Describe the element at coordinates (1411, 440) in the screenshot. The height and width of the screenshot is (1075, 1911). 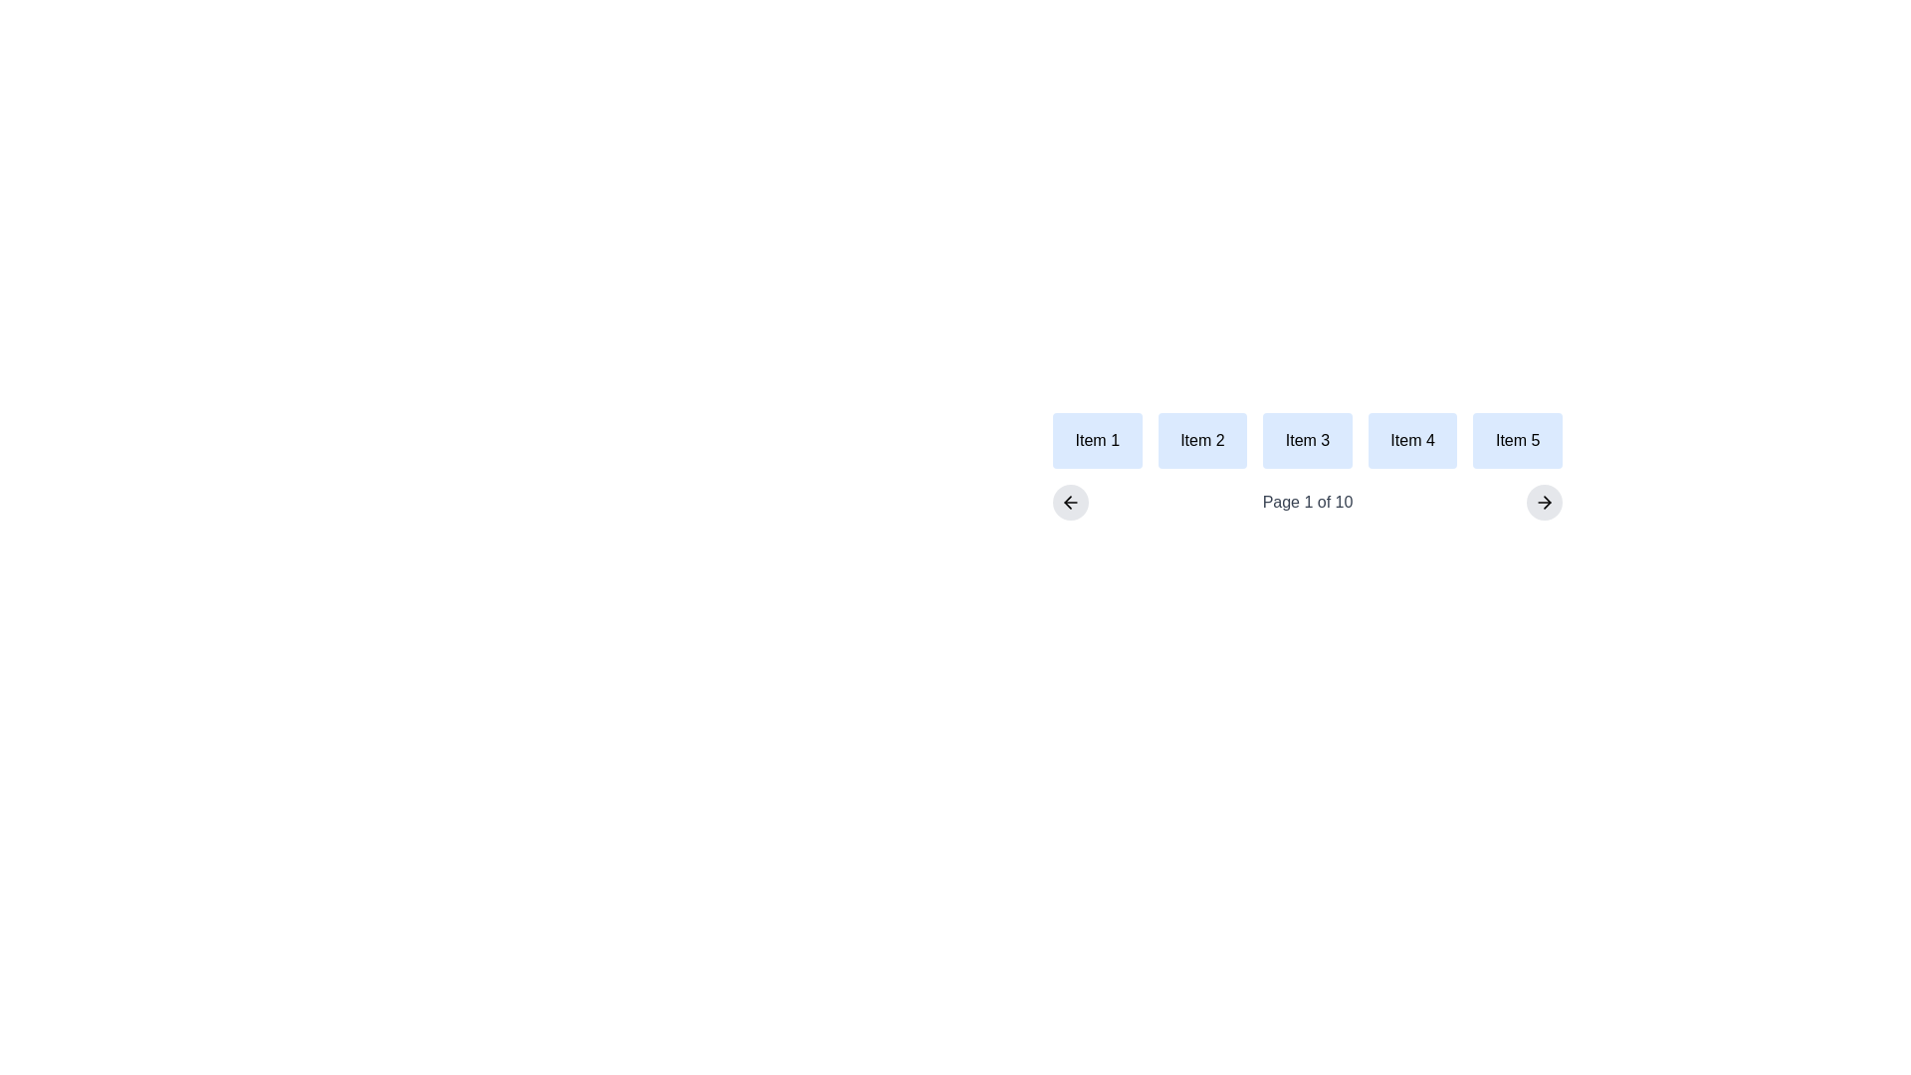
I see `the fourth informational card in a horizontally aligned grid of 5 items, located between 'Item 3' and 'Item 5'` at that location.